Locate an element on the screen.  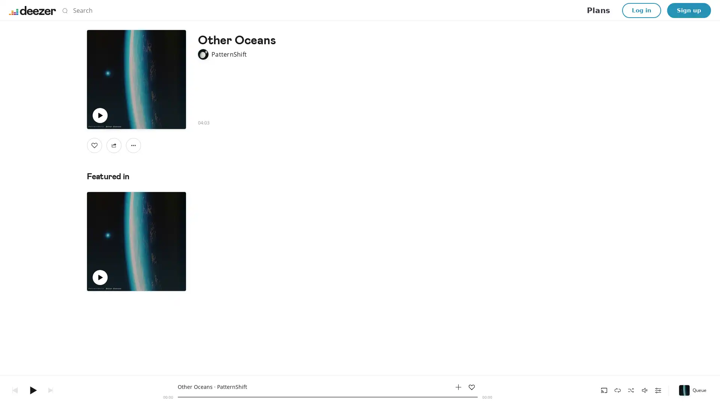
Chromecast is located at coordinates (604, 390).